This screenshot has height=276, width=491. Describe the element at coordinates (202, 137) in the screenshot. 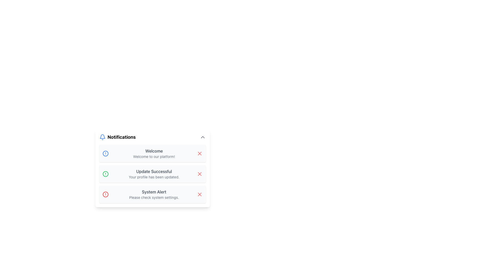

I see `the upward-pointing chevron icon located at the far right of the 'Notifications' header section` at that location.